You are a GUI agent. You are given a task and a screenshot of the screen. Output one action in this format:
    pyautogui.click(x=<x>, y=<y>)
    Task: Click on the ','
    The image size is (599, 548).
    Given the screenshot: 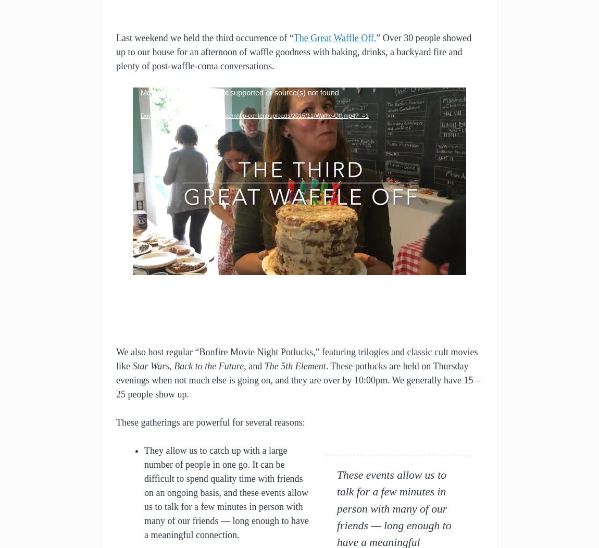 What is the action you would take?
    pyautogui.click(x=171, y=365)
    